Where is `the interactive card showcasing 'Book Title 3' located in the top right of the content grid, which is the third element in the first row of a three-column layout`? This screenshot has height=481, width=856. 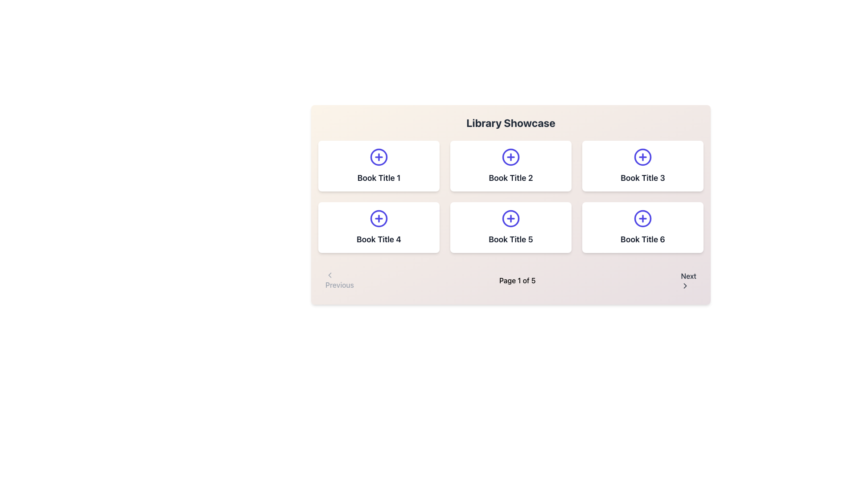 the interactive card showcasing 'Book Title 3' located in the top right of the content grid, which is the third element in the first row of a three-column layout is located at coordinates (642, 166).